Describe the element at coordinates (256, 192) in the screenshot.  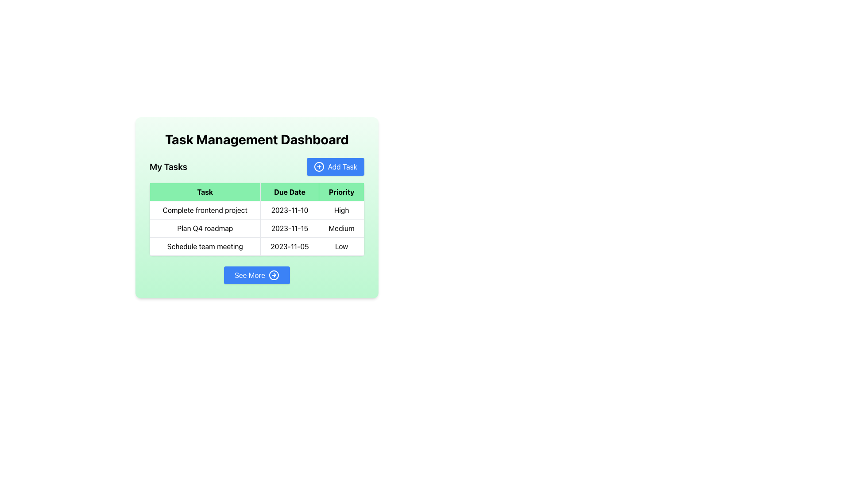
I see `the Table Header Row of the task management table located below 'My Tasks' and above the task entries` at that location.